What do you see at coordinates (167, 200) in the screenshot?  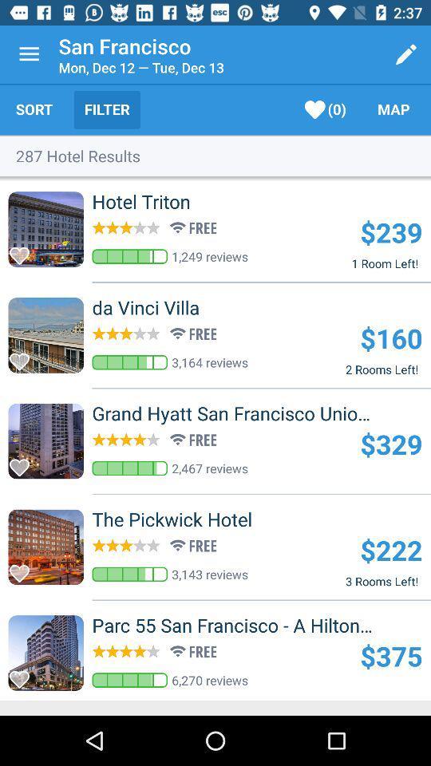 I see `hotel triton item` at bounding box center [167, 200].